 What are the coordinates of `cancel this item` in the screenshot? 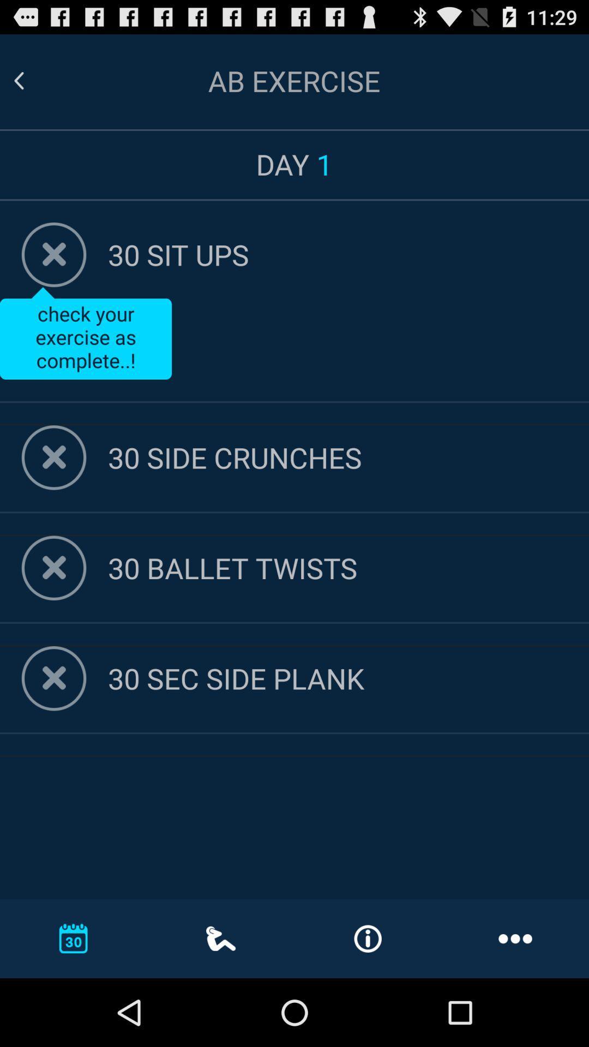 It's located at (54, 567).